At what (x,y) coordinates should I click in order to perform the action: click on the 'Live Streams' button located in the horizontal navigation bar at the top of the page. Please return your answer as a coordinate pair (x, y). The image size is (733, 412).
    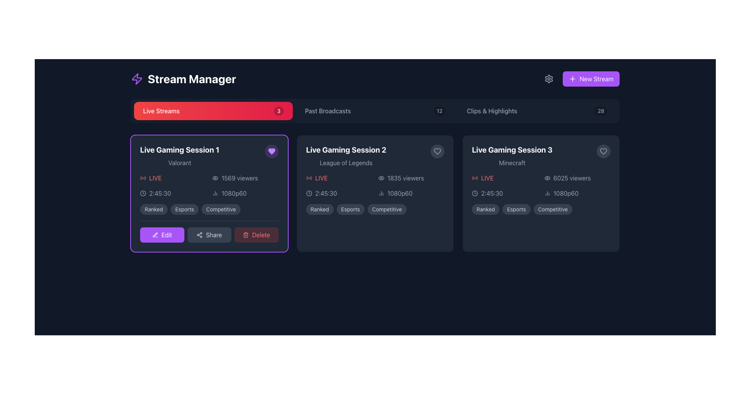
    Looking at the image, I should click on (213, 111).